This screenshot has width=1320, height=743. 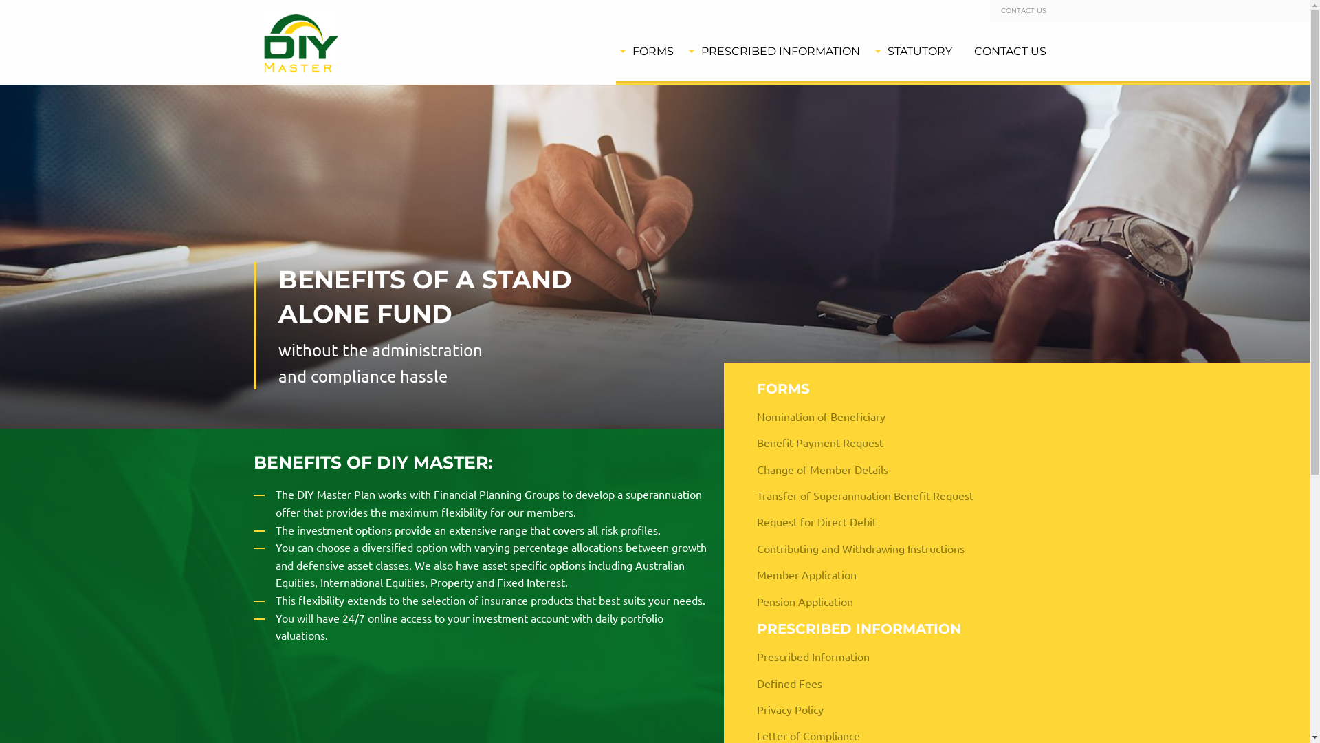 I want to click on 'PRESCRIBED INFORMATION', so click(x=778, y=50).